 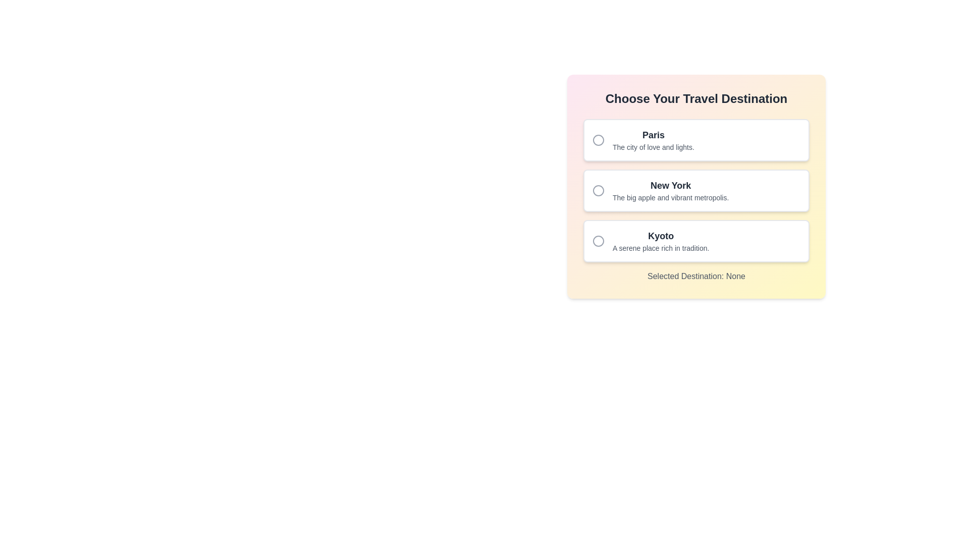 I want to click on the Text Block that provides information about the travel destination 'Kyoto', which is the third item in the list of travel destinations, so click(x=661, y=241).